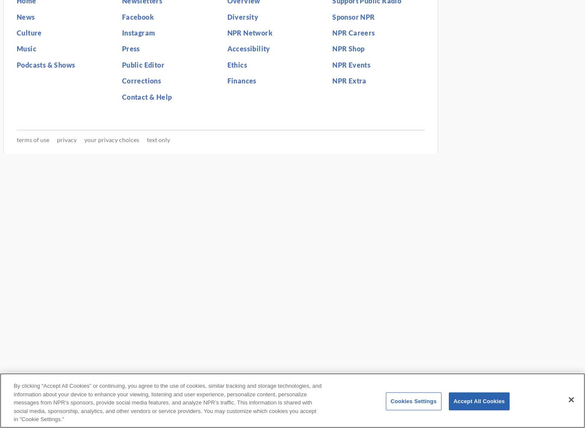  What do you see at coordinates (66, 139) in the screenshot?
I see `'Privacy'` at bounding box center [66, 139].